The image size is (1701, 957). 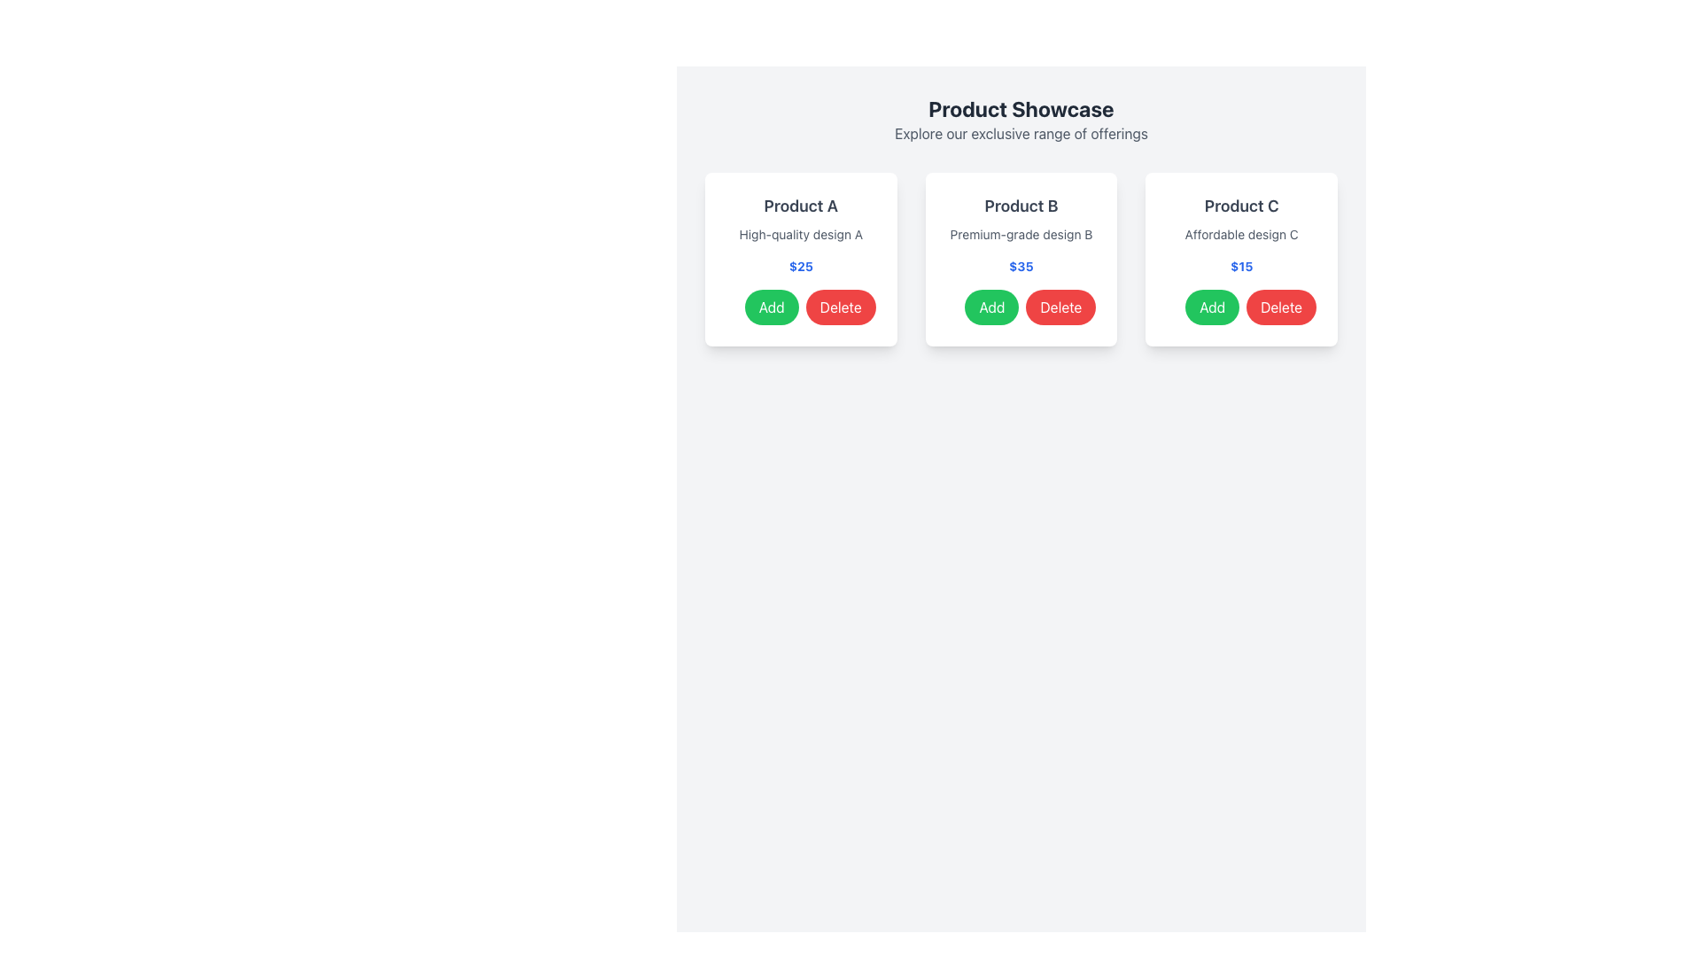 What do you see at coordinates (800, 266) in the screenshot?
I see `the text label displaying the price '$25' in bold blue styling, positioned beneath the product description 'High-quality design A' in the product card for 'Product A'` at bounding box center [800, 266].